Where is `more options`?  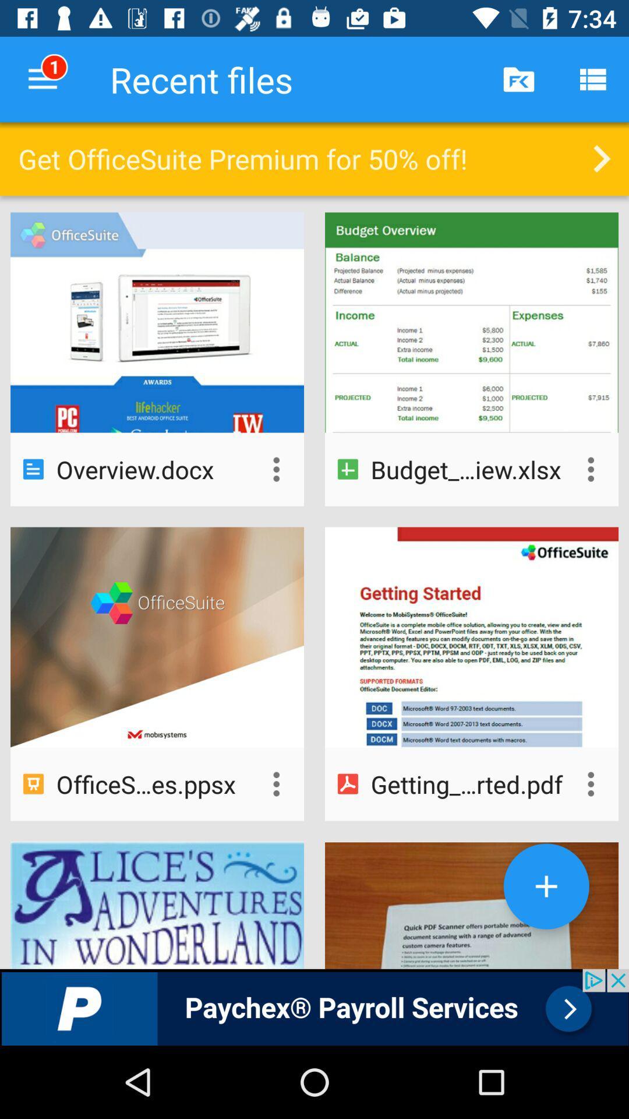
more options is located at coordinates (591, 784).